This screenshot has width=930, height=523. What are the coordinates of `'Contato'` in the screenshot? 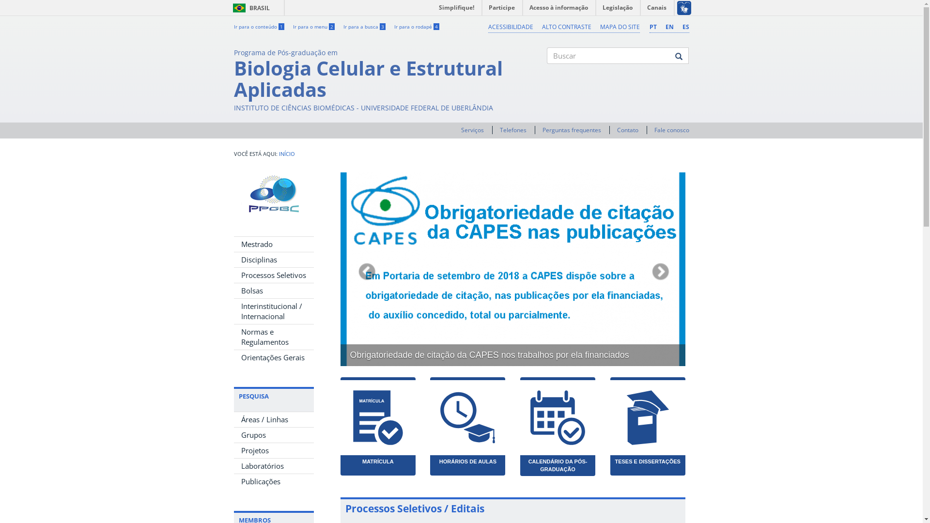 It's located at (616, 129).